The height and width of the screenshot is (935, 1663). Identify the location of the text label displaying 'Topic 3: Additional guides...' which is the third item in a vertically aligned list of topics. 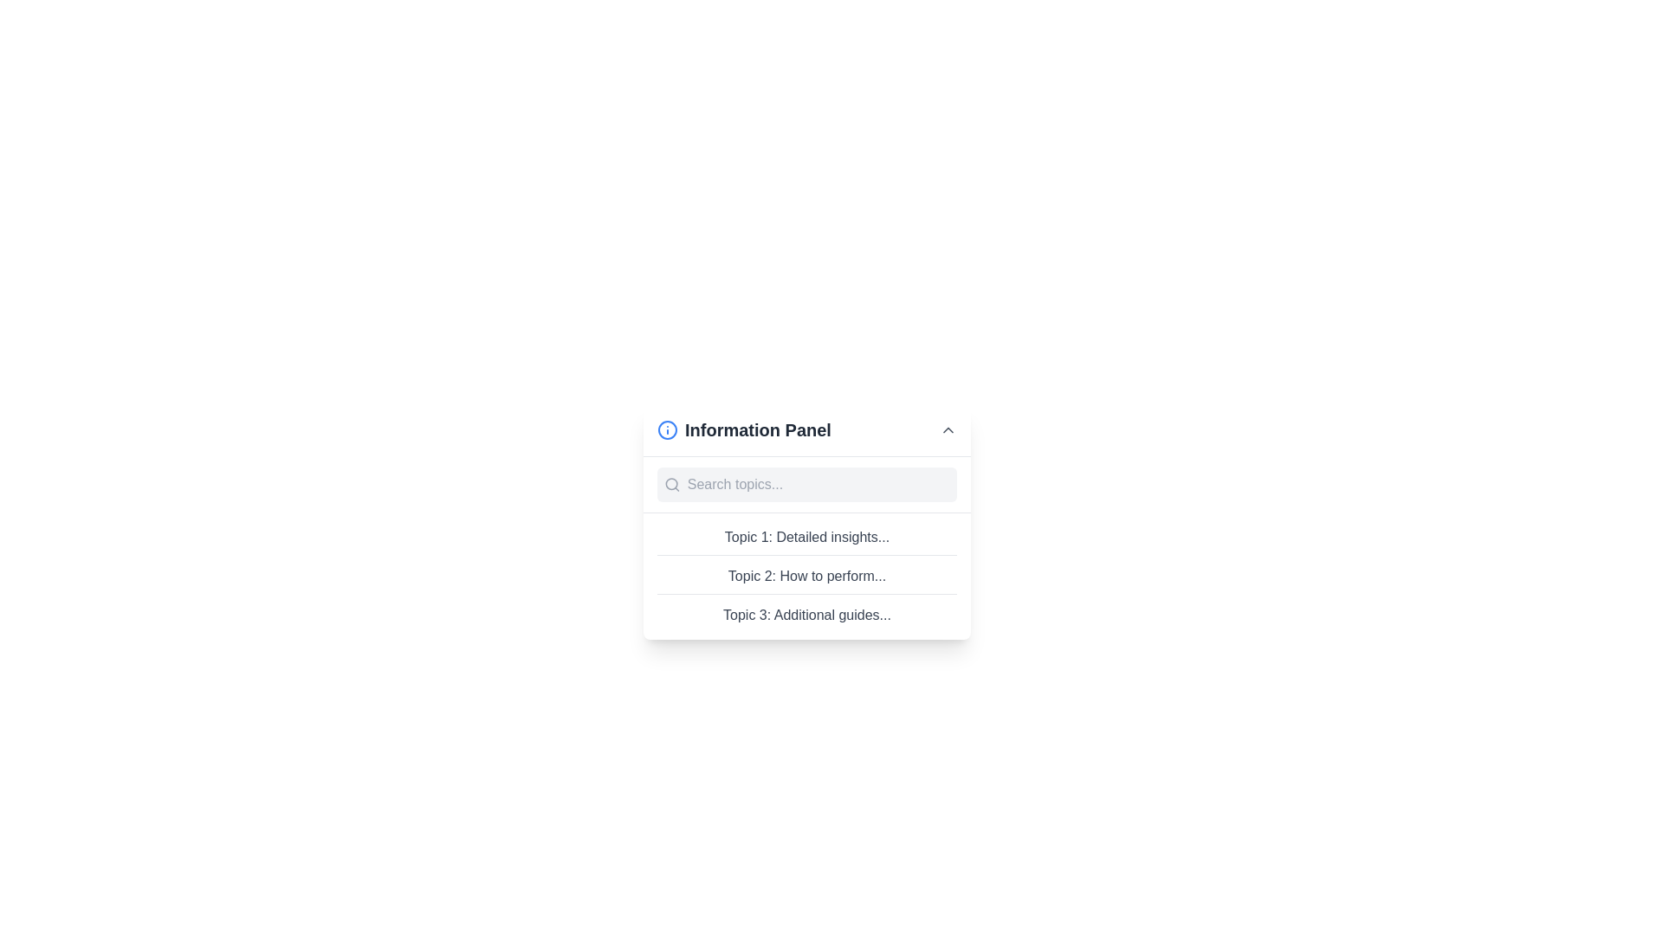
(806, 614).